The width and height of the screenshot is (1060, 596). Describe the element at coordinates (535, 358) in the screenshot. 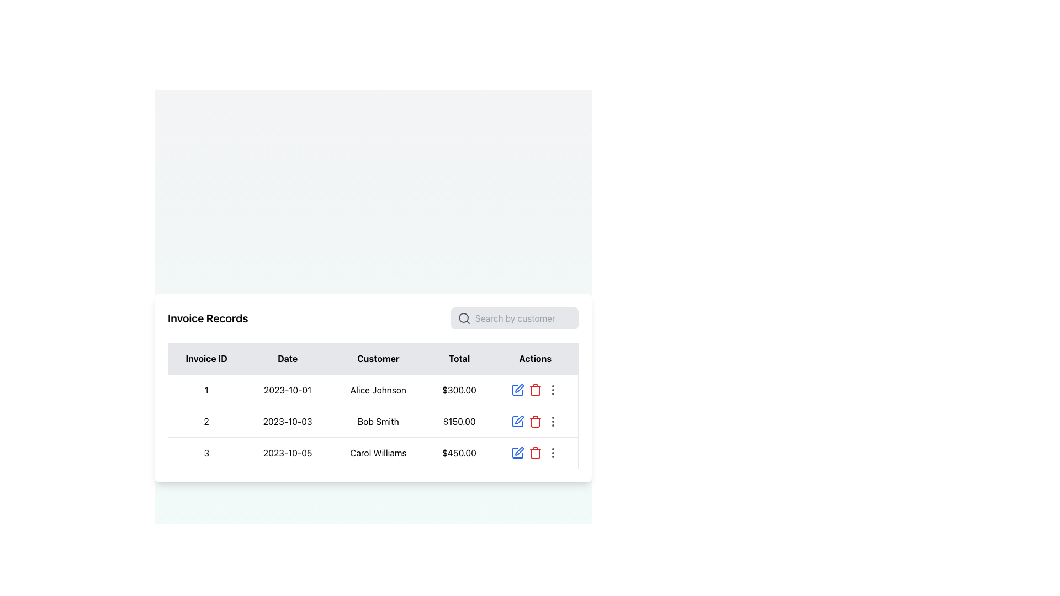

I see `the table header labeled 'Actions', which is the fifth and last column header in the table, positioned to the immediate right of the 'Total' column` at that location.